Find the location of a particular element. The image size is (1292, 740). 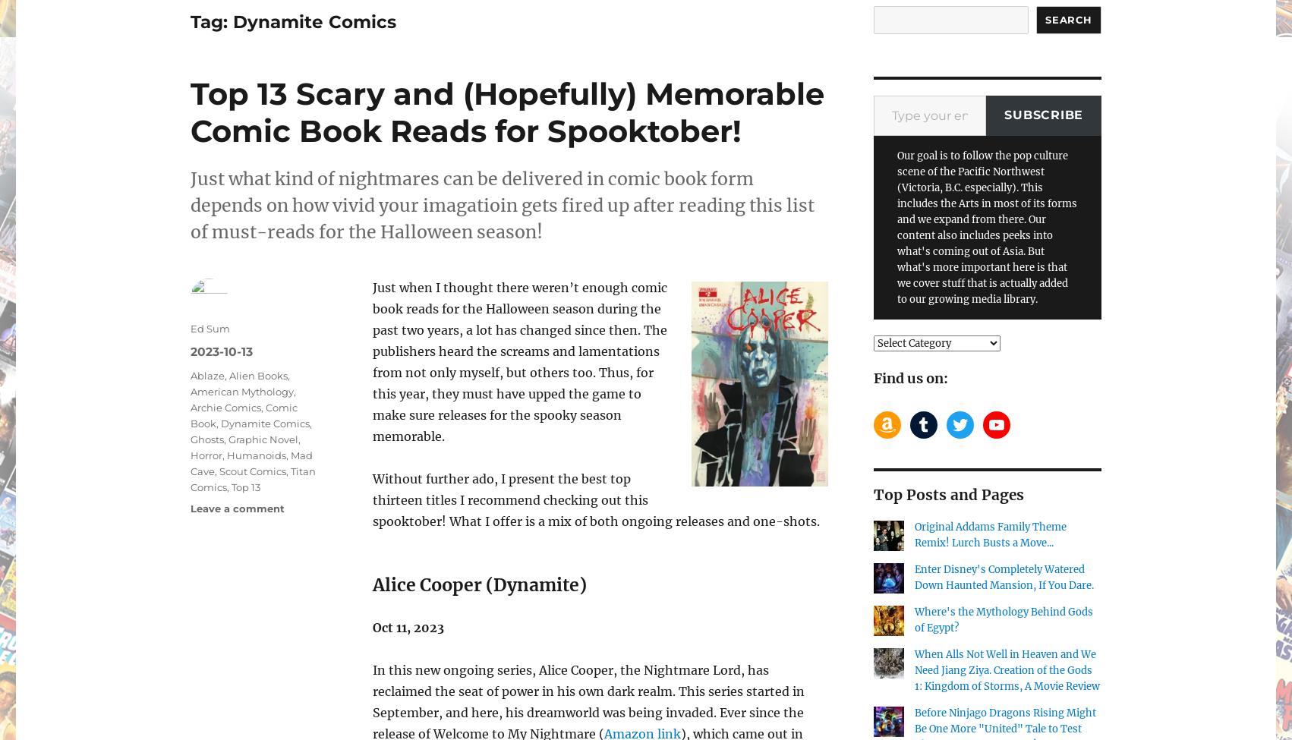

'Ablaze' is located at coordinates (206, 374).